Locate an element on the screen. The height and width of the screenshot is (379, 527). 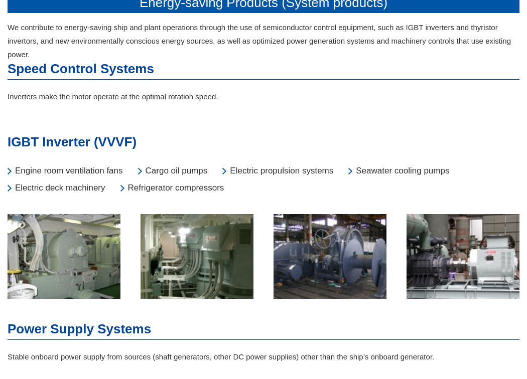
'Seawater cooling pumps' is located at coordinates (402, 170).